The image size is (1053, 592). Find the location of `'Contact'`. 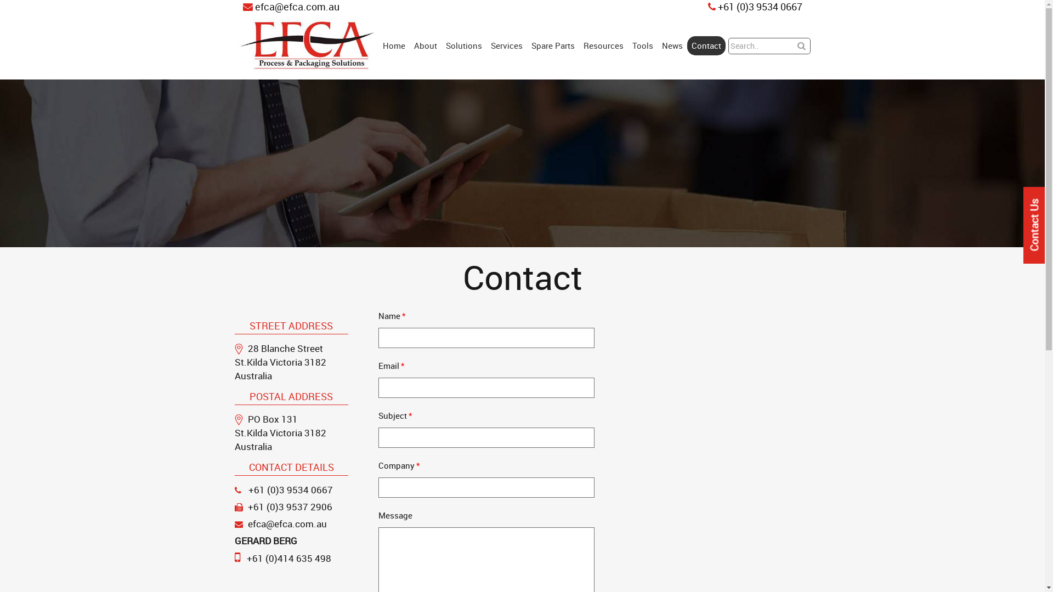

'Contact' is located at coordinates (686, 45).